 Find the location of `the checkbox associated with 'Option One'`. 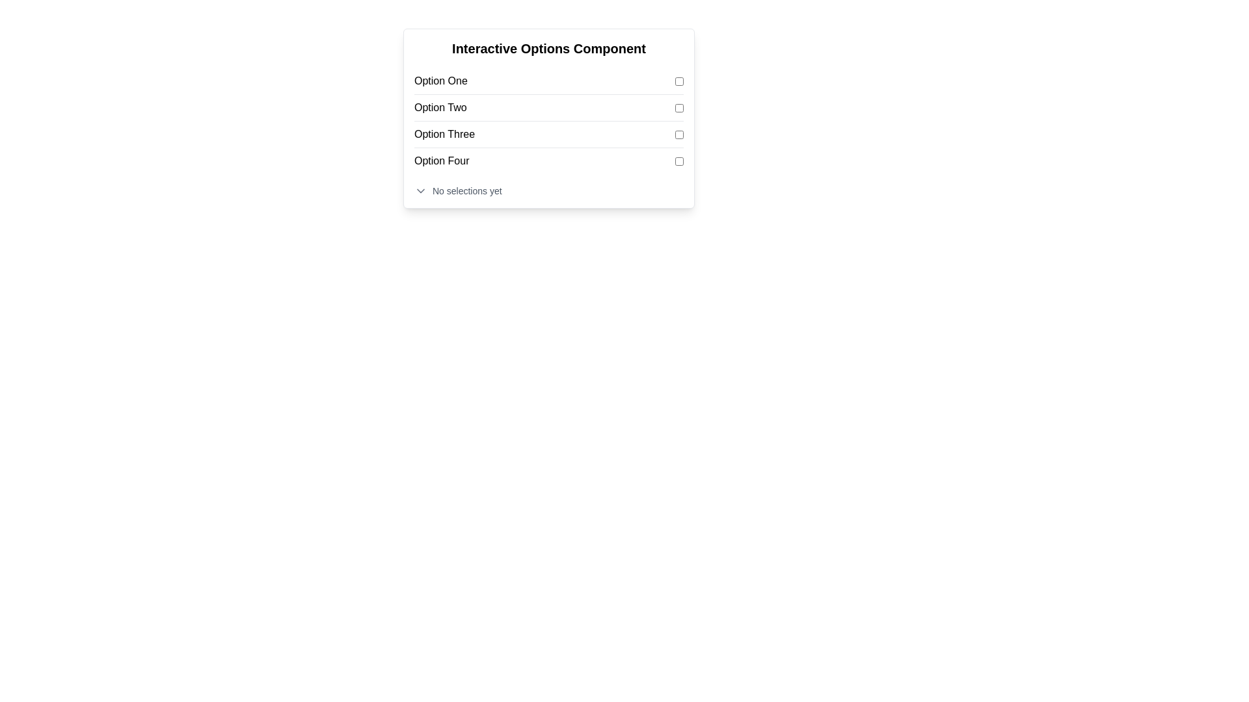

the checkbox associated with 'Option One' is located at coordinates (678, 81).